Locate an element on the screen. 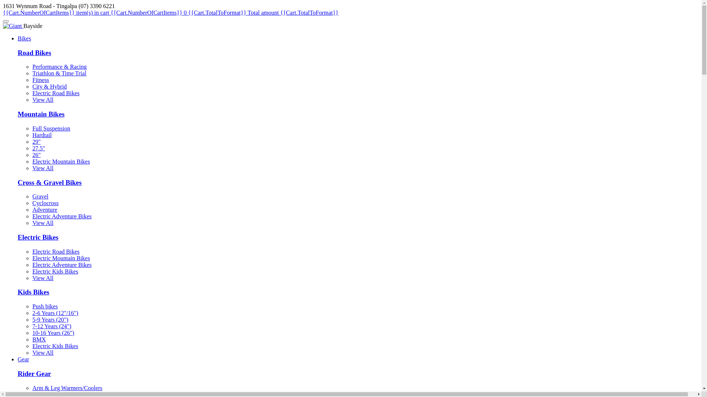 The image size is (707, 397). 'Cross & Gravel Bikes' is located at coordinates (18, 182).